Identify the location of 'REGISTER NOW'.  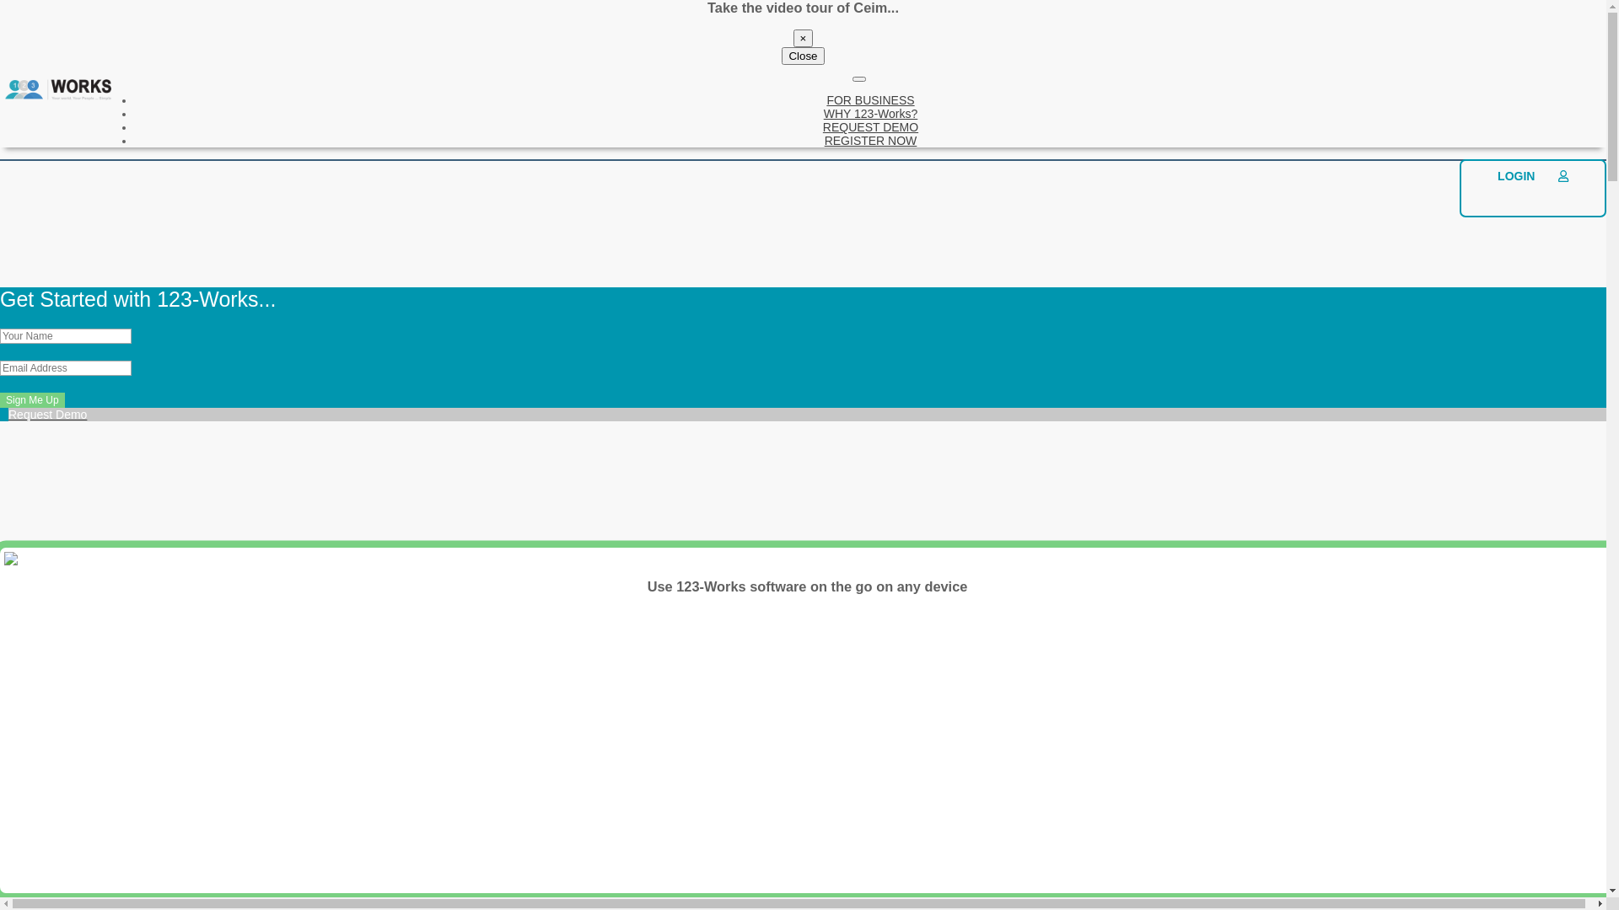
(825, 139).